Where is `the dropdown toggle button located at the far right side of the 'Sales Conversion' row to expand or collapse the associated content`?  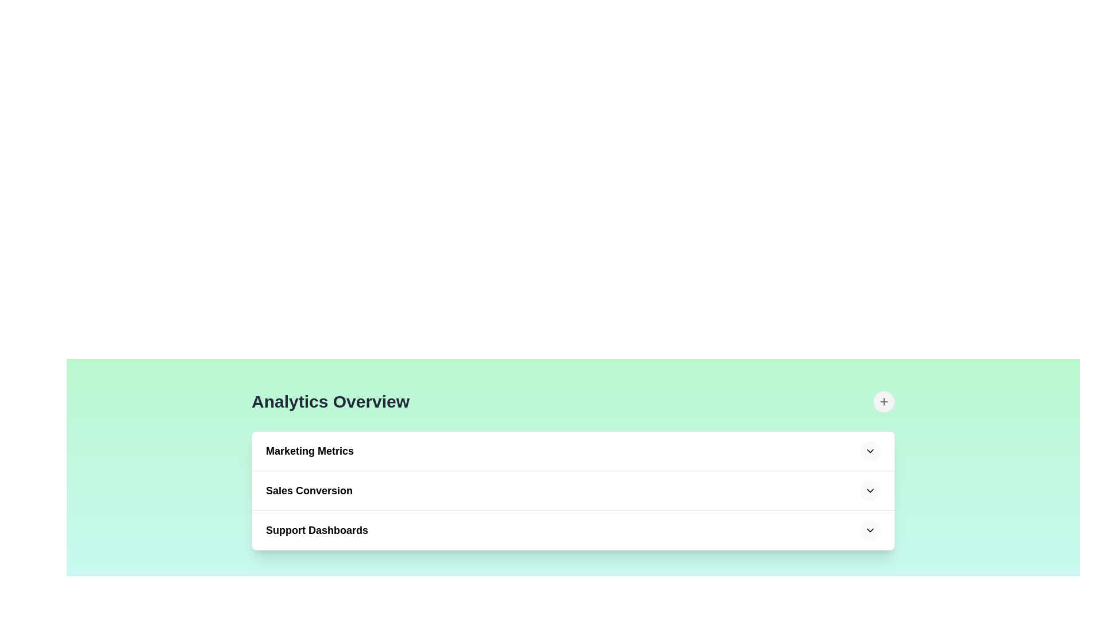
the dropdown toggle button located at the far right side of the 'Sales Conversion' row to expand or collapse the associated content is located at coordinates (870, 491).